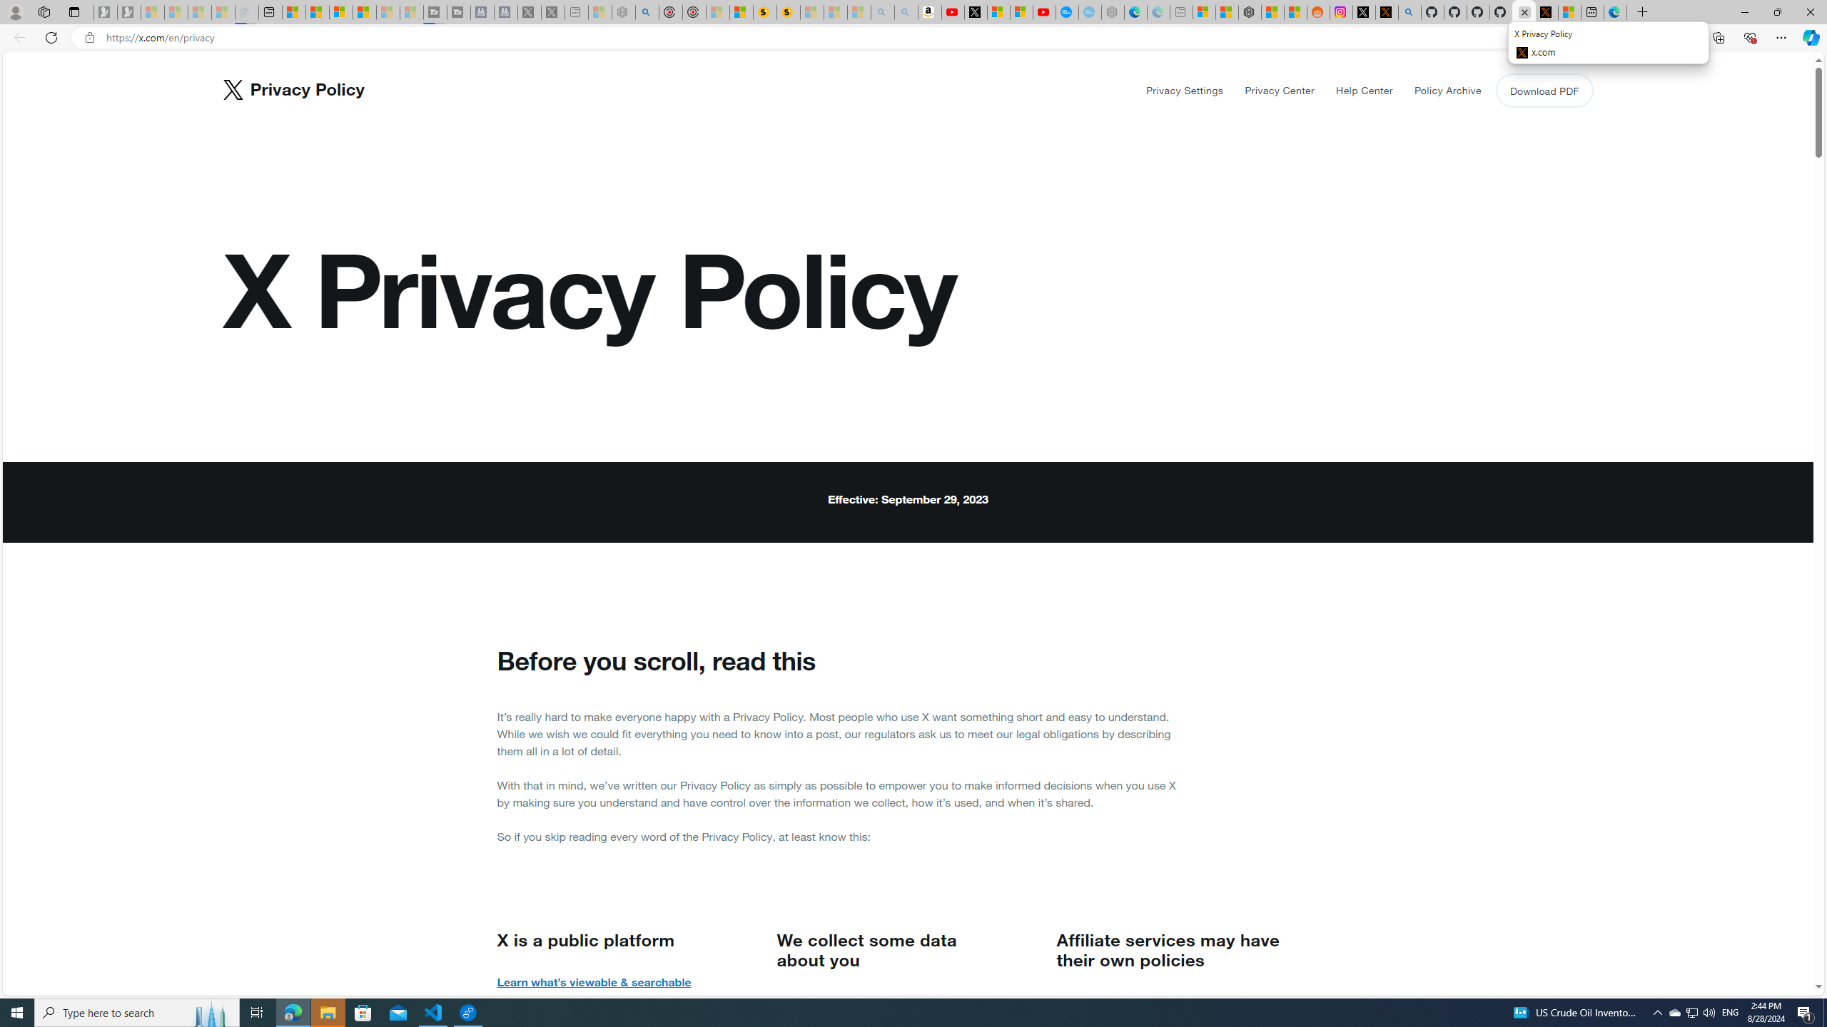 This screenshot has height=1027, width=1827. Describe the element at coordinates (1089, 11) in the screenshot. I see `'The most popular Google '` at that location.